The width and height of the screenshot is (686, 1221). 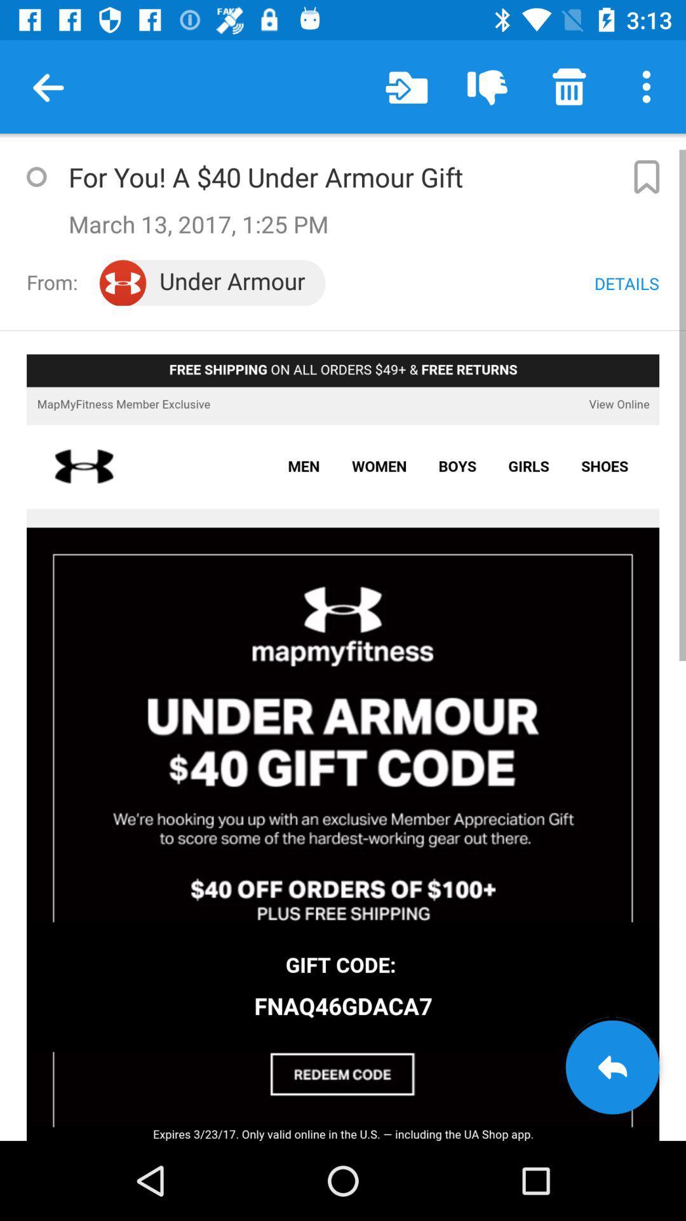 What do you see at coordinates (612, 1067) in the screenshot?
I see `goto back` at bounding box center [612, 1067].